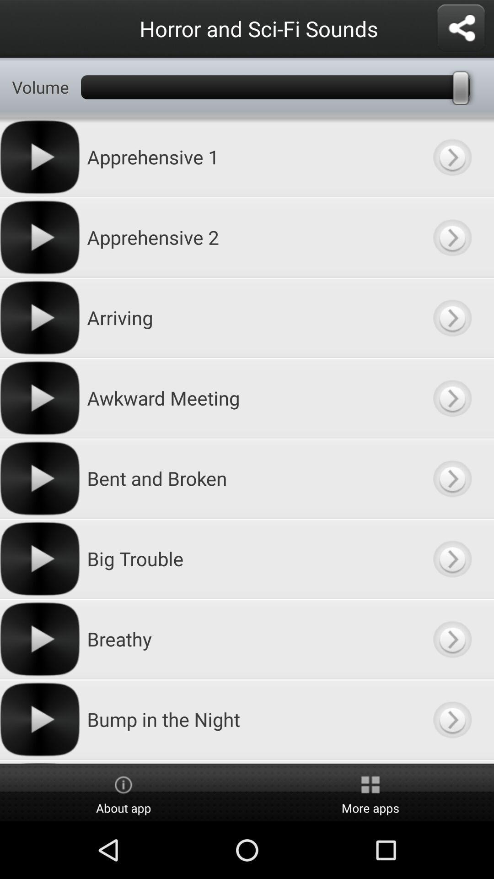 The width and height of the screenshot is (494, 879). I want to click on category, so click(451, 157).